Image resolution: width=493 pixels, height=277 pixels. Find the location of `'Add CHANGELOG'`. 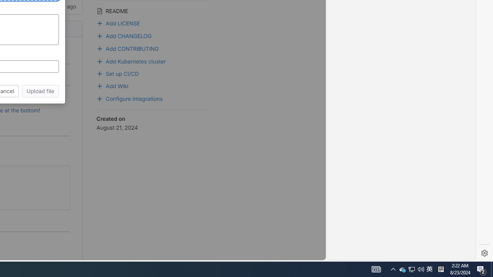

'Add CHANGELOG' is located at coordinates (124, 35).